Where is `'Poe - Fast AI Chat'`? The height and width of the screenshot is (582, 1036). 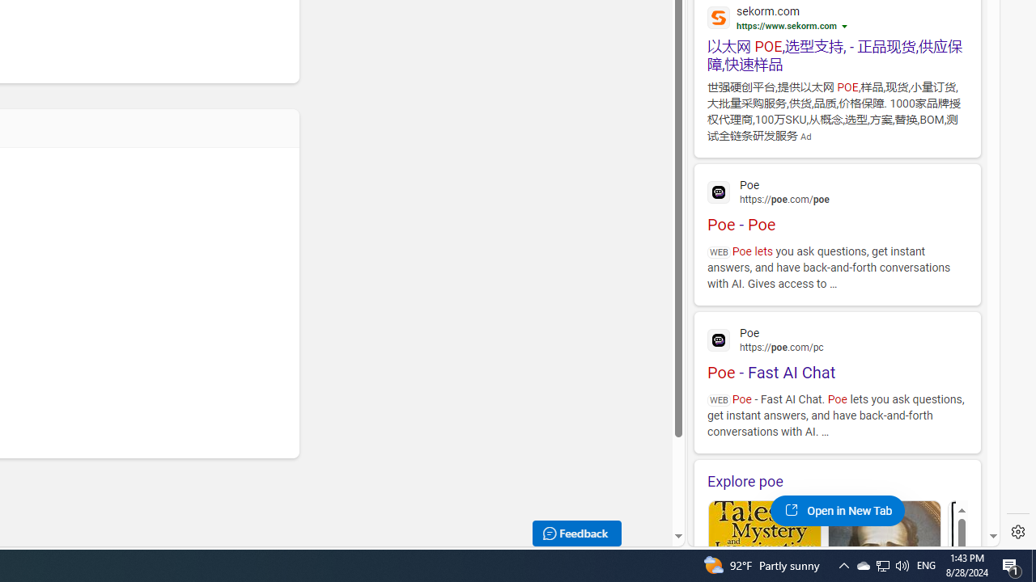 'Poe - Fast AI Chat' is located at coordinates (837, 351).